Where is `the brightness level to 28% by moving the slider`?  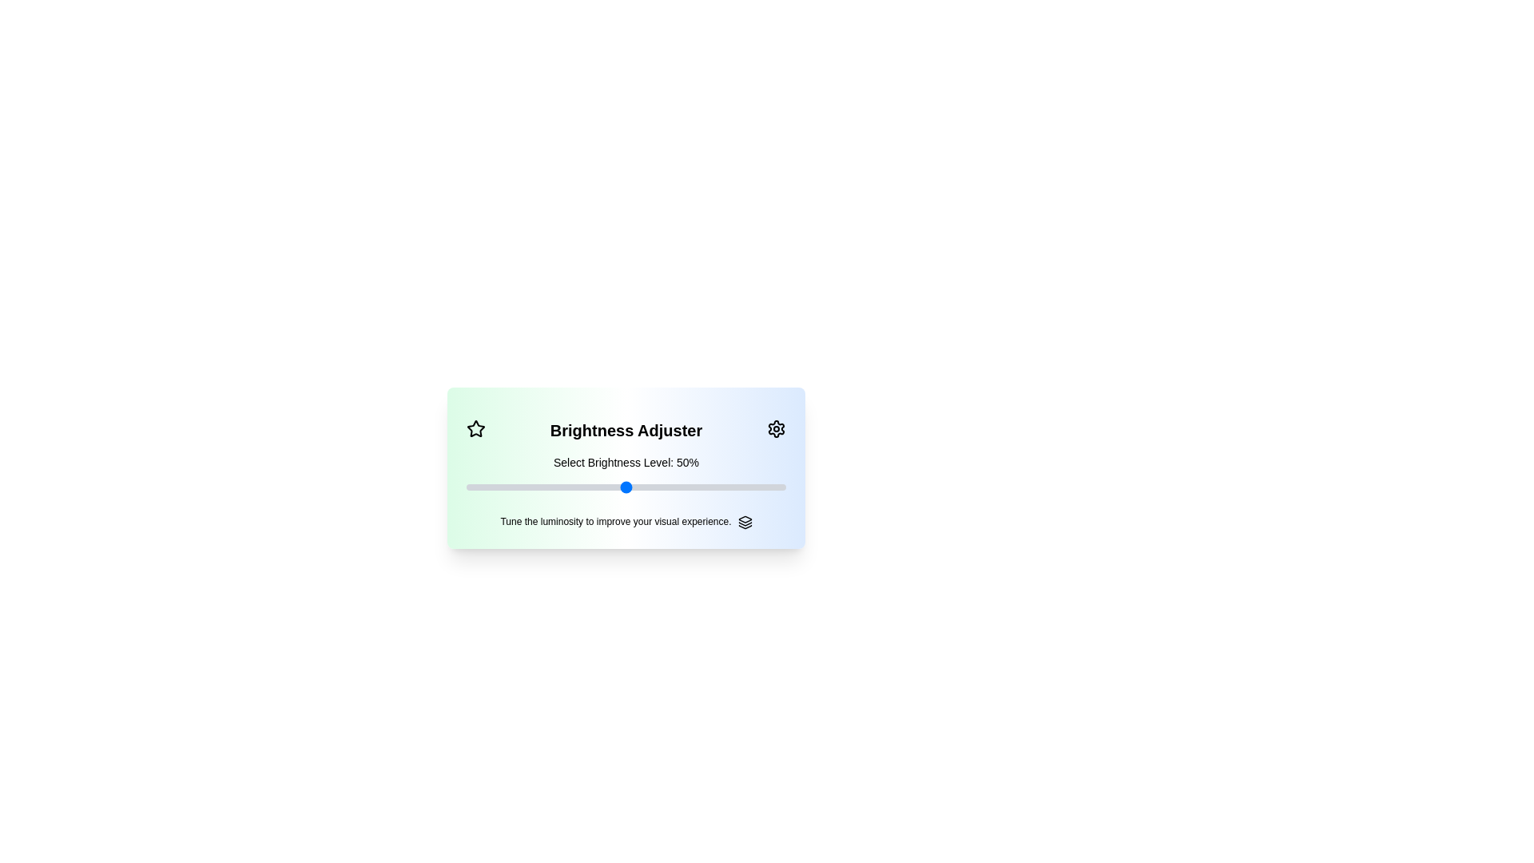 the brightness level to 28% by moving the slider is located at coordinates (556, 486).